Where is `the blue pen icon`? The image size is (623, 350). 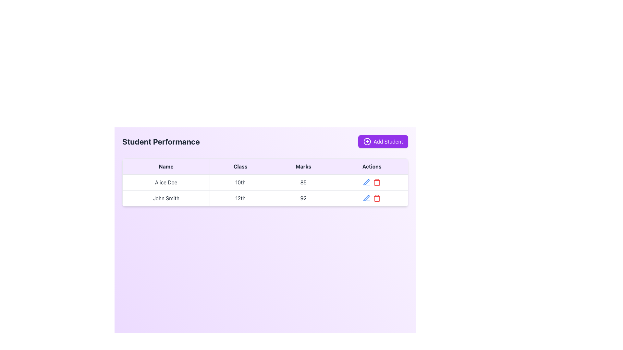
the blue pen icon is located at coordinates (372, 182).